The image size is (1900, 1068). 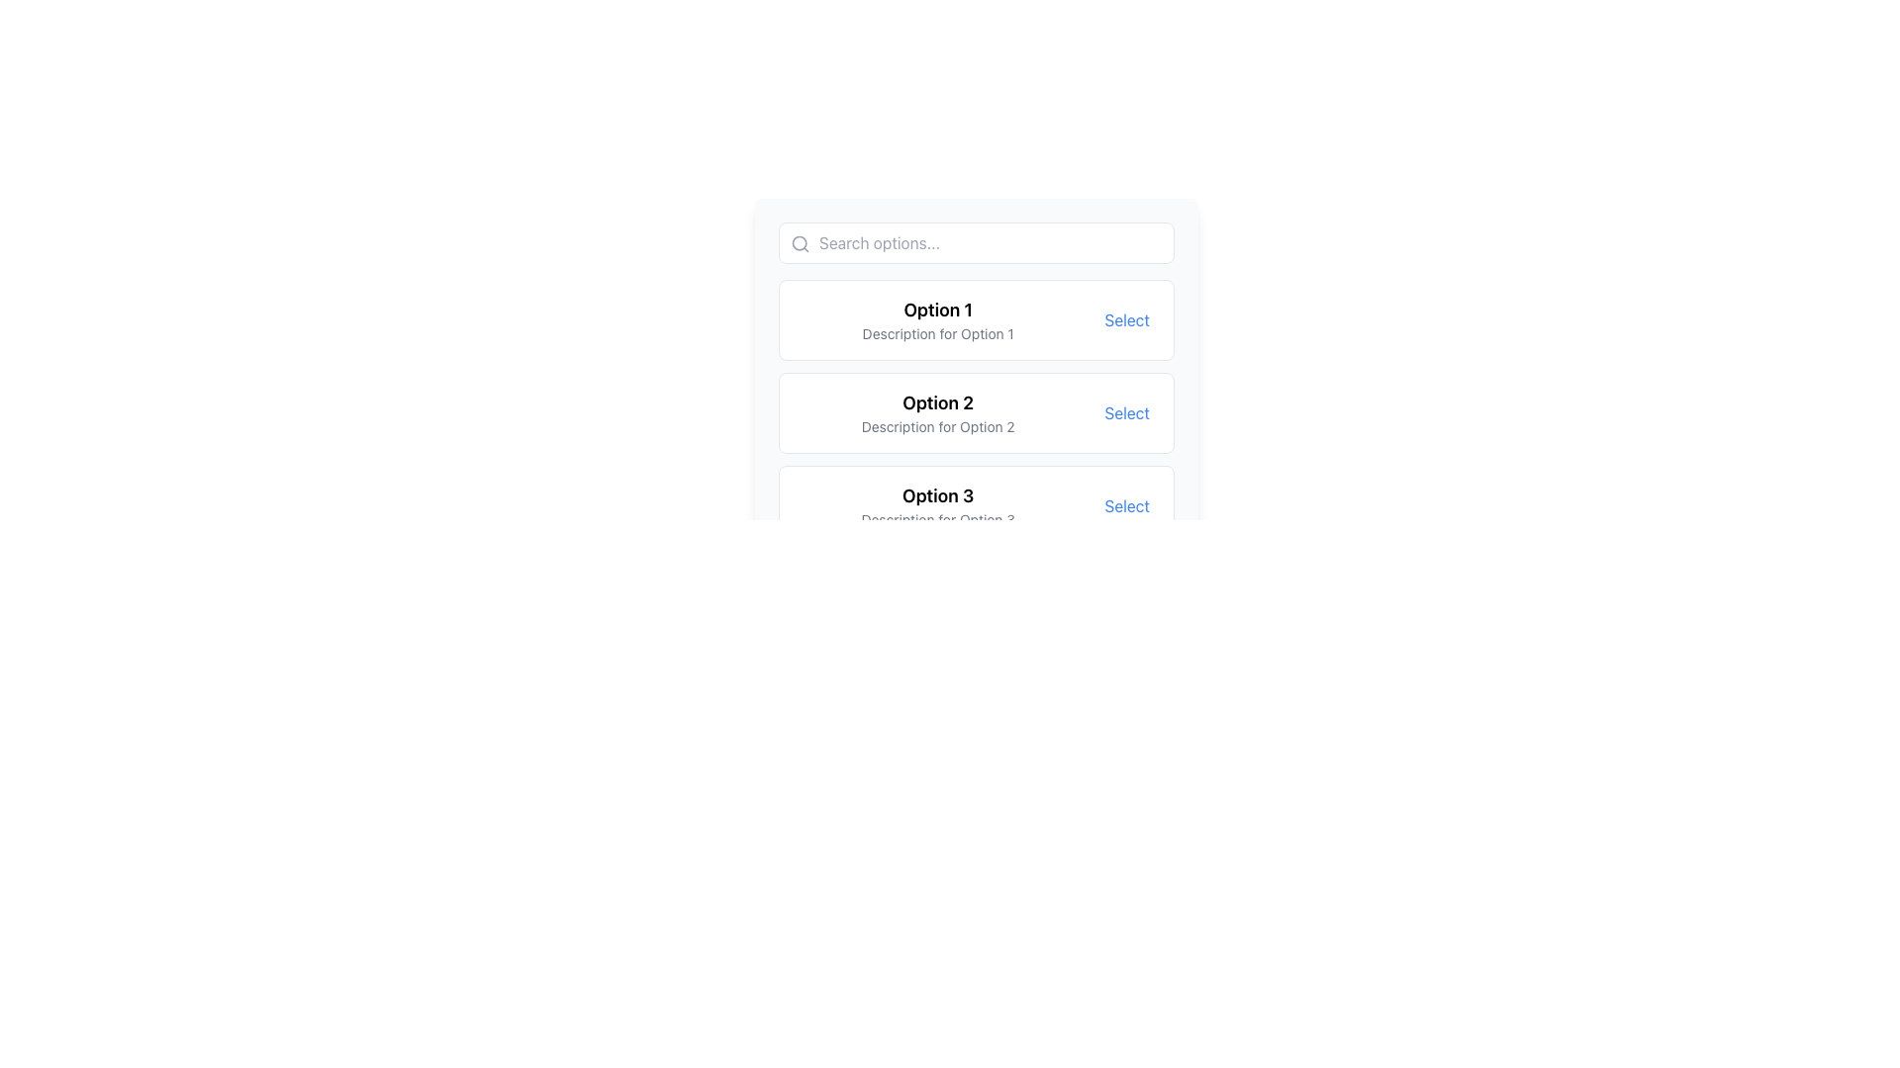 What do you see at coordinates (800, 242) in the screenshot?
I see `the circle component of the search icon located in the upper-left corner of the search bar` at bounding box center [800, 242].